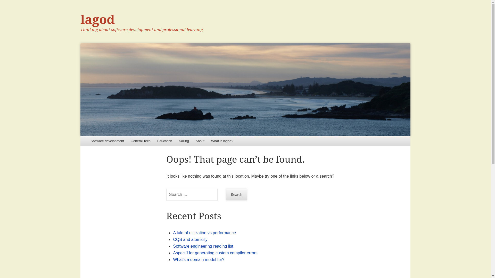  I want to click on 'CQS and atomicity', so click(190, 239).